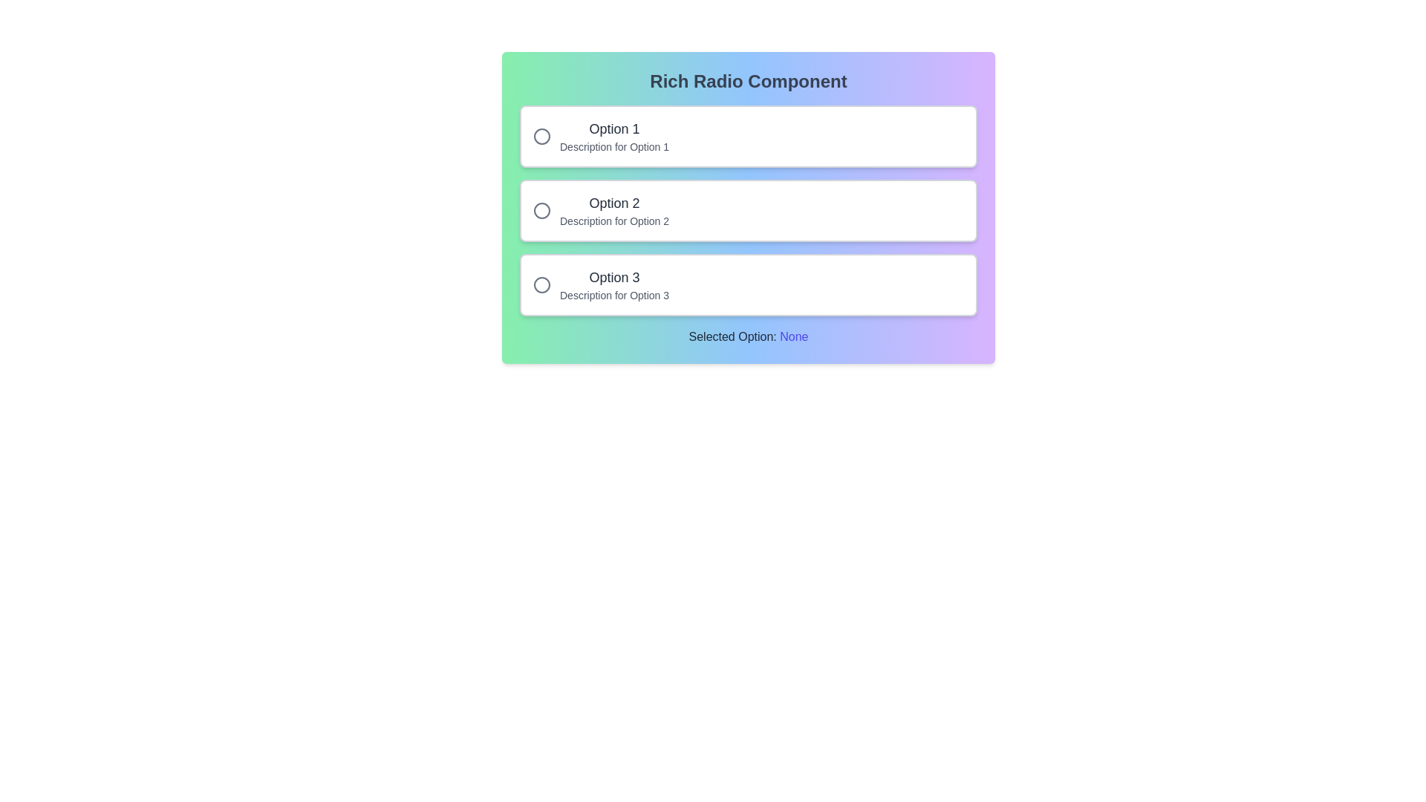 This screenshot has height=802, width=1426. What do you see at coordinates (541, 137) in the screenshot?
I see `the radio button with a gray outline and white background that is located next to 'Option 1' and 'Description for Option 1'` at bounding box center [541, 137].